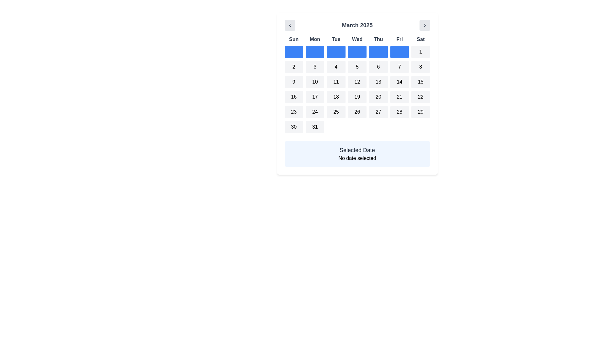  Describe the element at coordinates (357, 97) in the screenshot. I see `the button representing the date '19' in the calendar located in the fourth column of the fourth row beneath the 'Wed' label` at that location.